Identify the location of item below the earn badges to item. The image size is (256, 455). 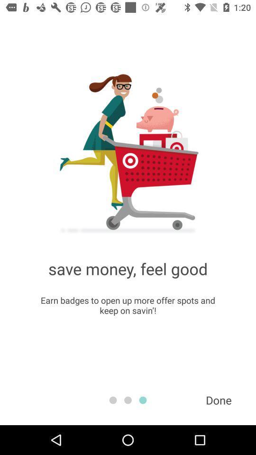
(219, 400).